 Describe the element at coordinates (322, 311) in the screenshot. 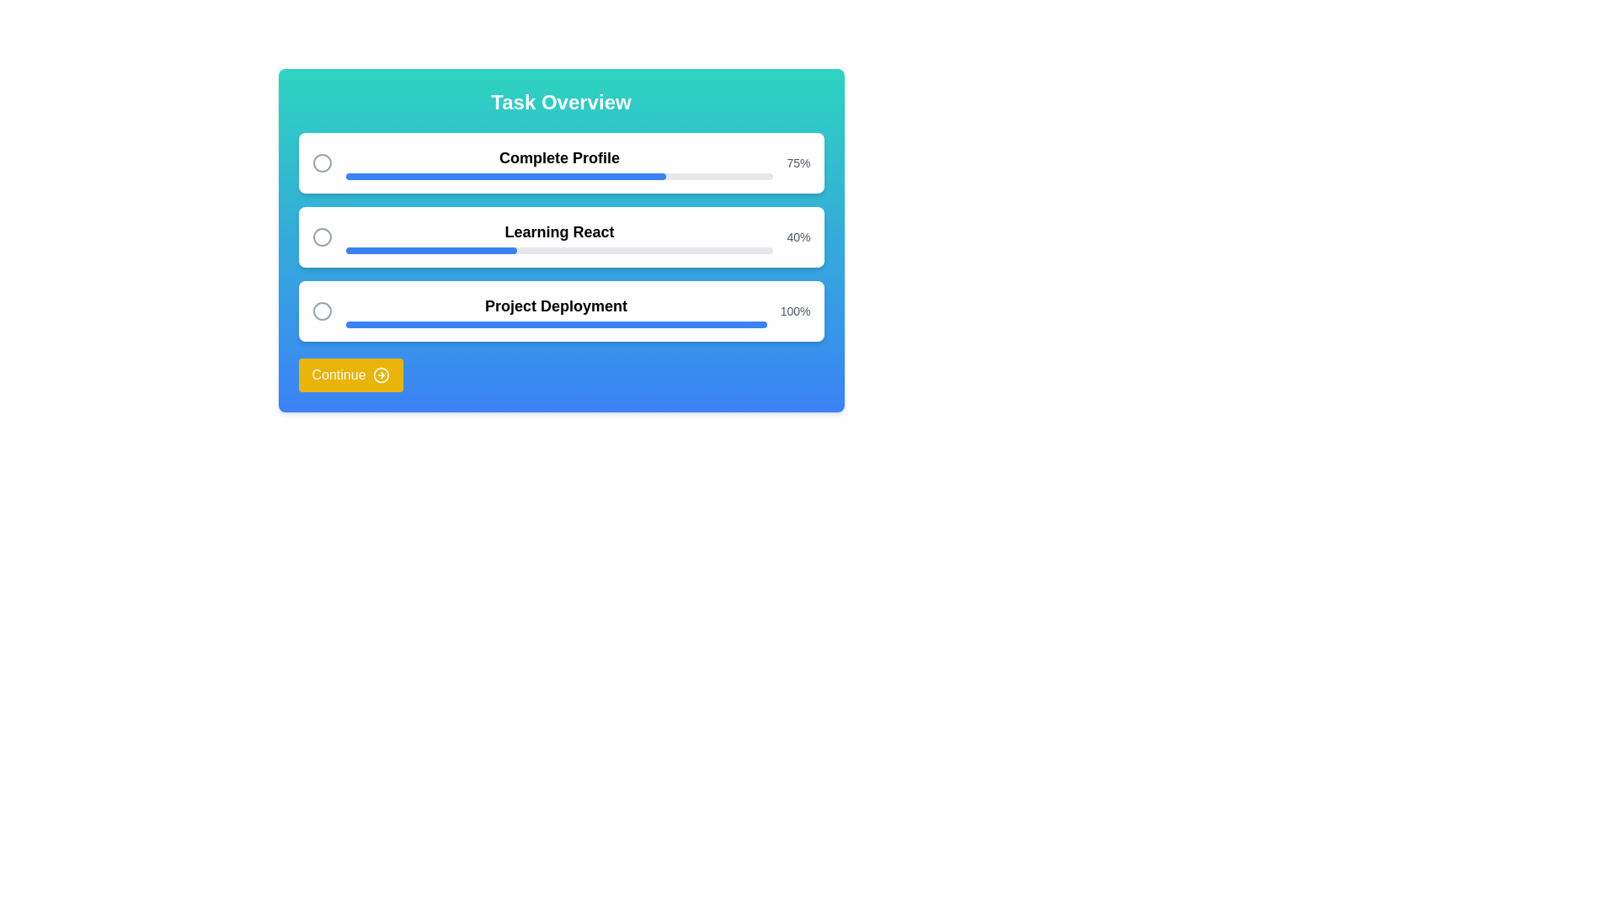

I see `the circular radio button icon with a gray stroke, located to the left of the 'Project Deployment' text` at that location.